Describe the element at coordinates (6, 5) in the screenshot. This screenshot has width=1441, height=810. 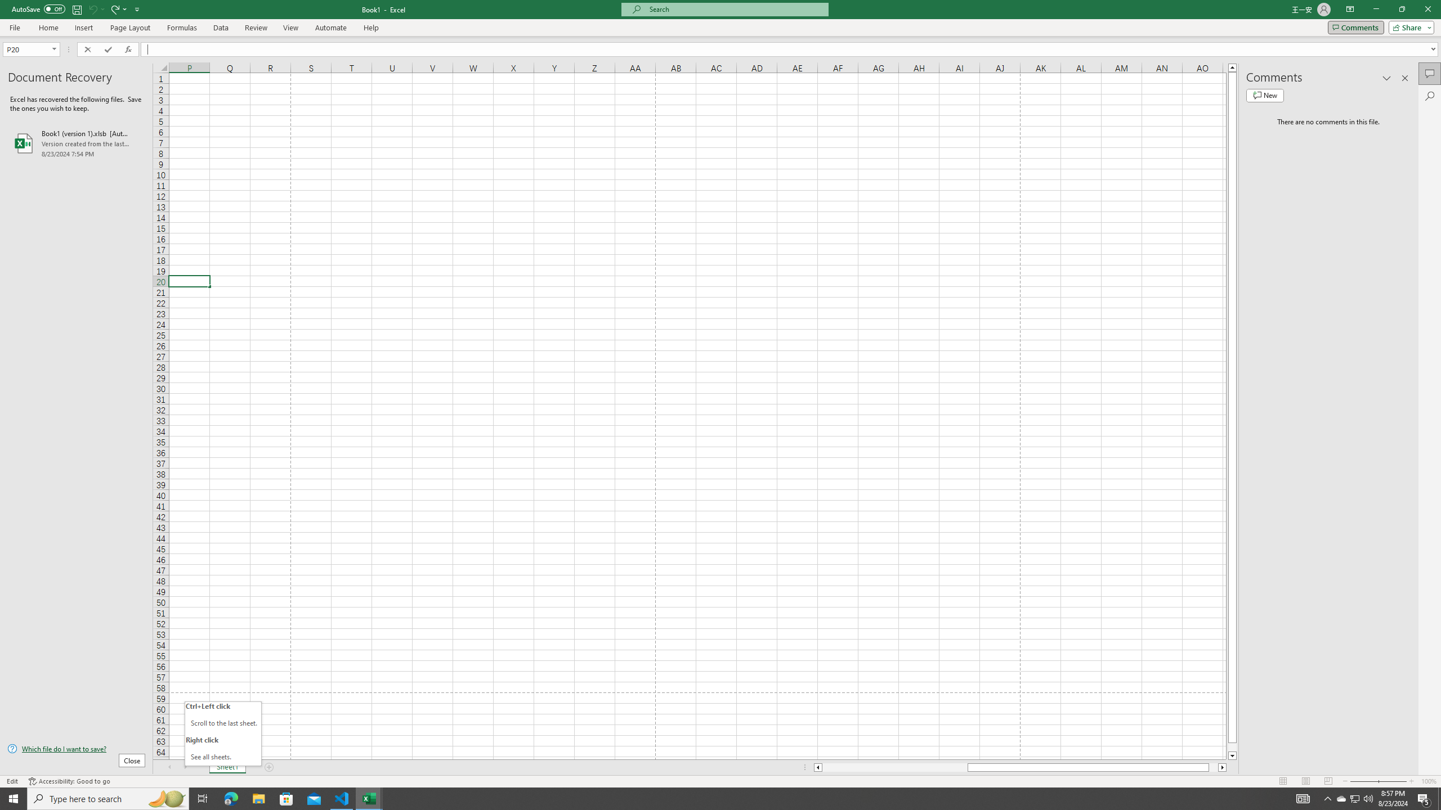
I see `'System'` at that location.